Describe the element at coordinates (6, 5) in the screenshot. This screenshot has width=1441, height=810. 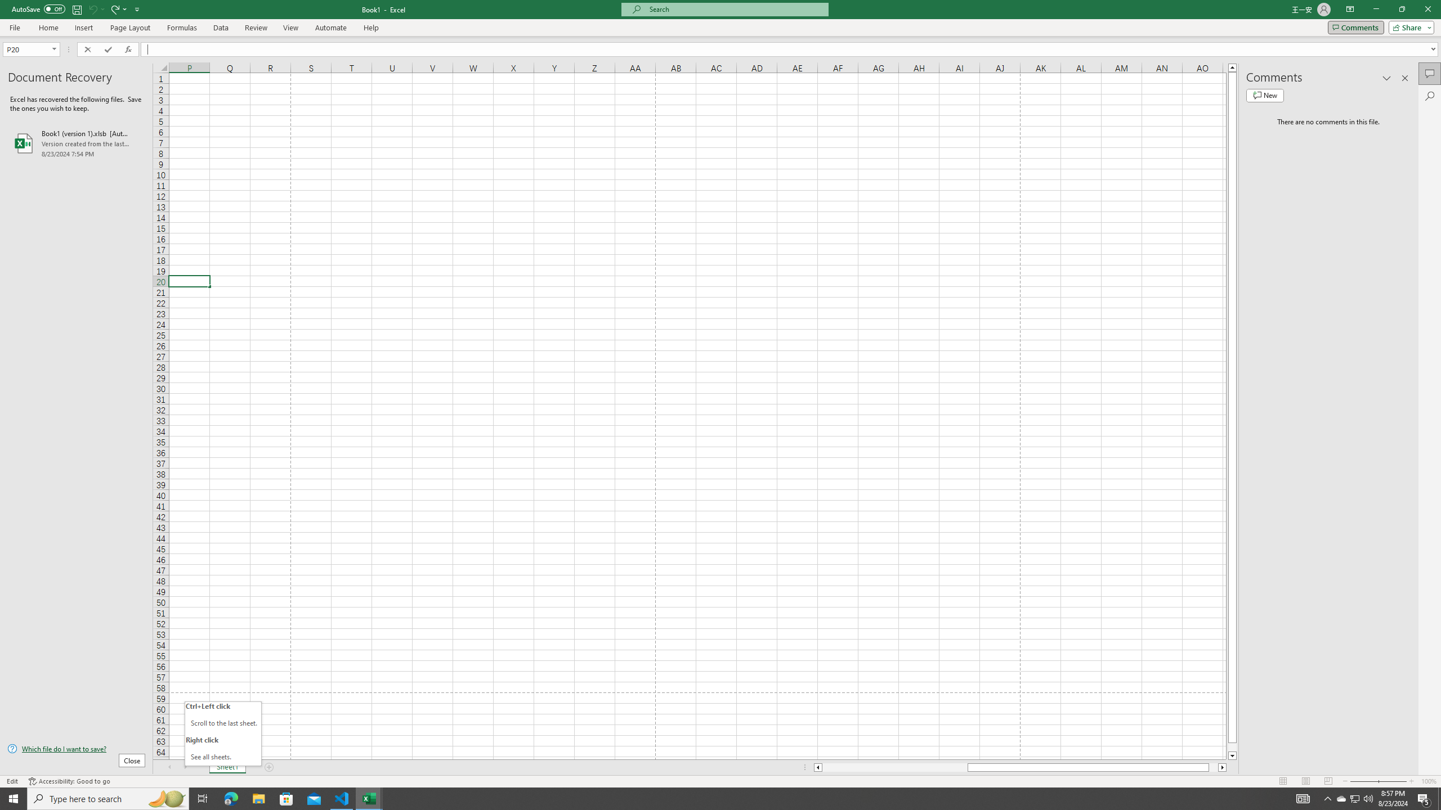
I see `'System'` at that location.